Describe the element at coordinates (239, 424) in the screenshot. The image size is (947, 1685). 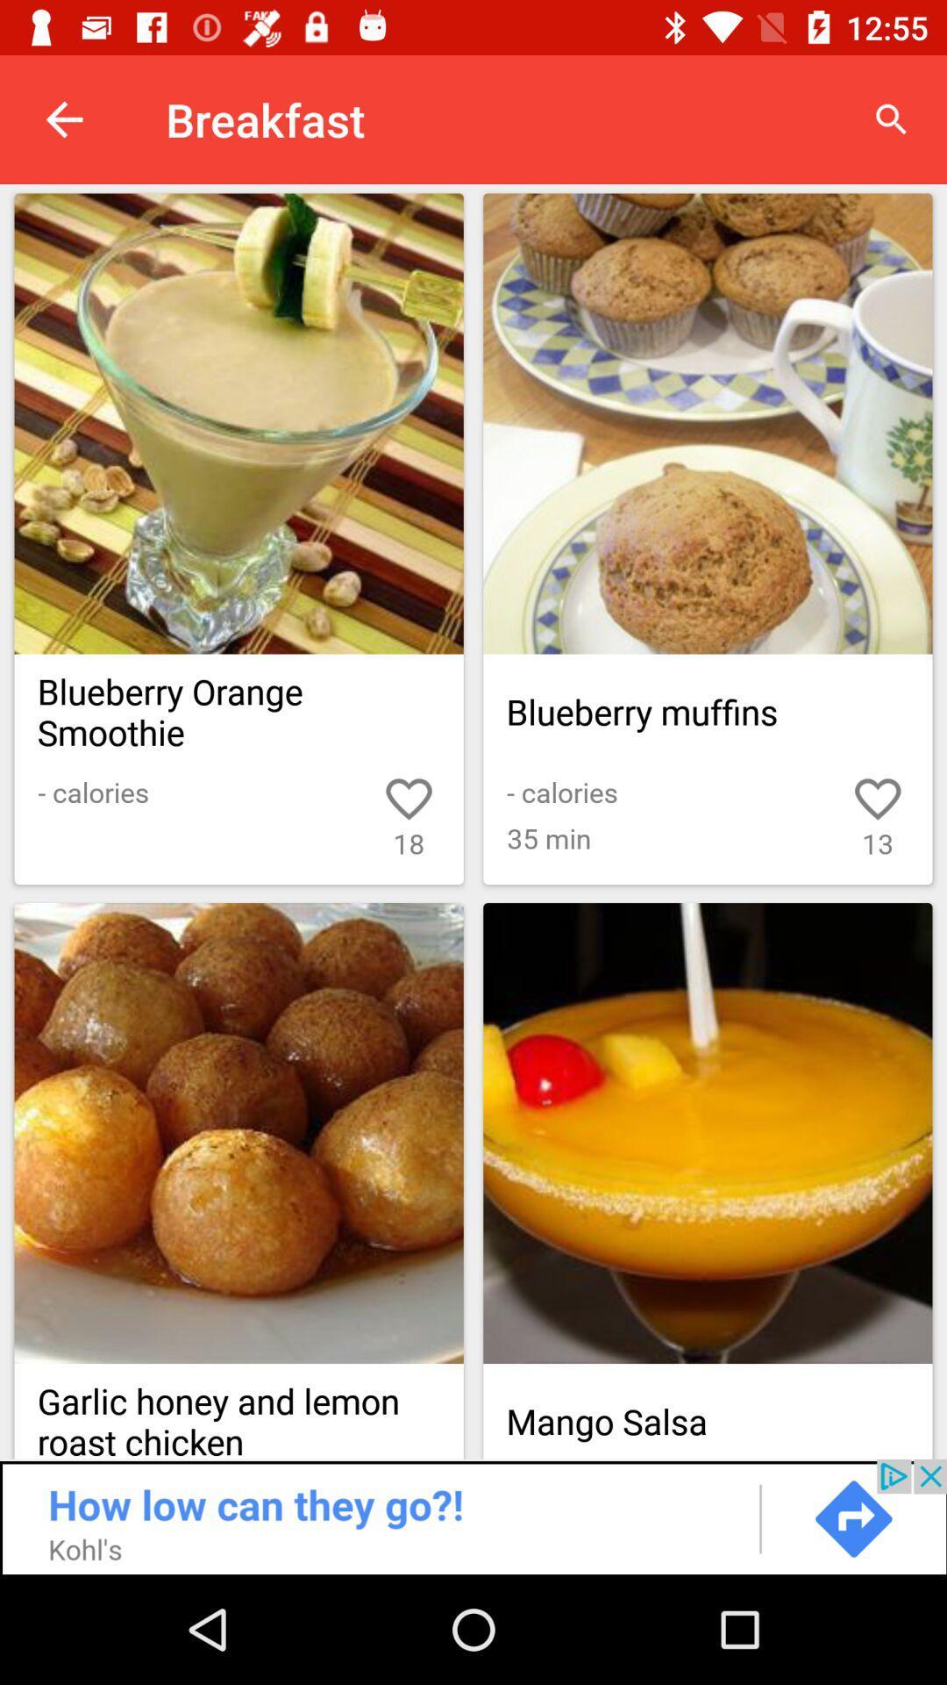
I see `cookies and brownies recipes` at that location.